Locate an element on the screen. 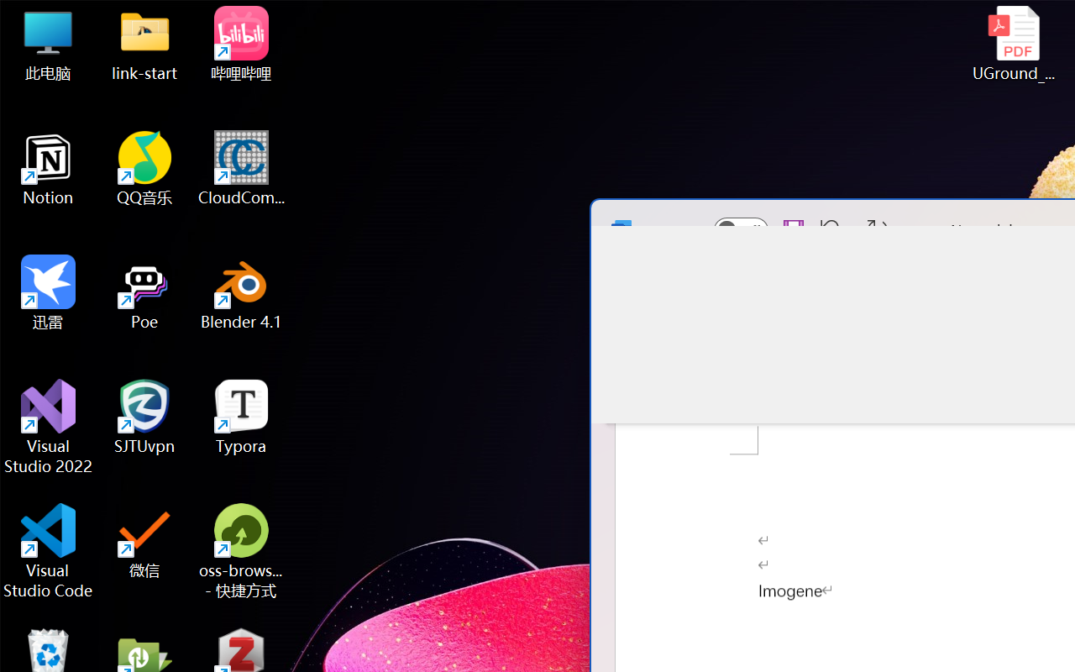 This screenshot has width=1075, height=672. 'Repeat Paragraph Formatting' is located at coordinates (877, 229).